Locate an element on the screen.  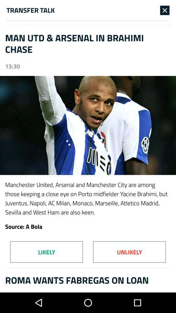
unlikely item is located at coordinates (129, 252).